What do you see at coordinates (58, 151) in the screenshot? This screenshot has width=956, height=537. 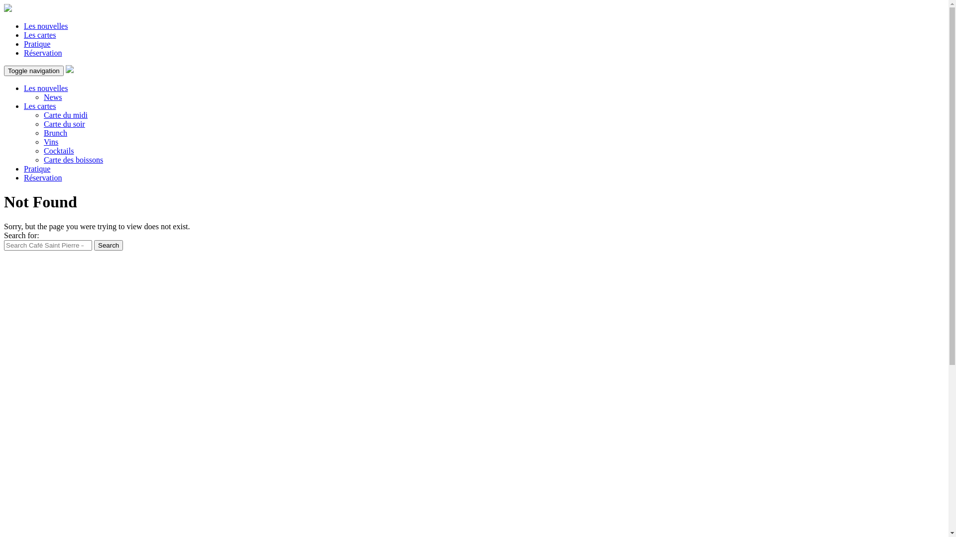 I see `'Cocktails'` at bounding box center [58, 151].